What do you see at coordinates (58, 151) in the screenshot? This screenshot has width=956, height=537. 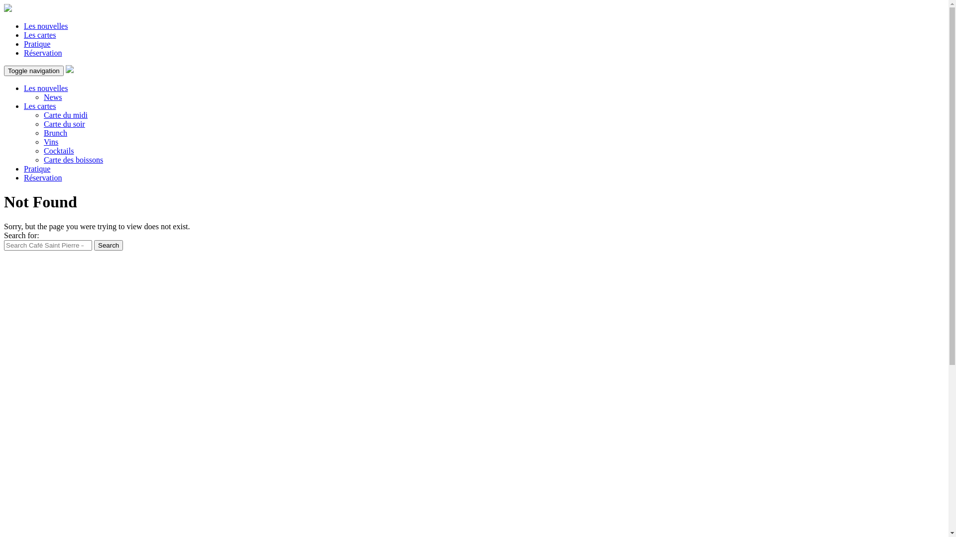 I see `'Cocktails'` at bounding box center [58, 151].